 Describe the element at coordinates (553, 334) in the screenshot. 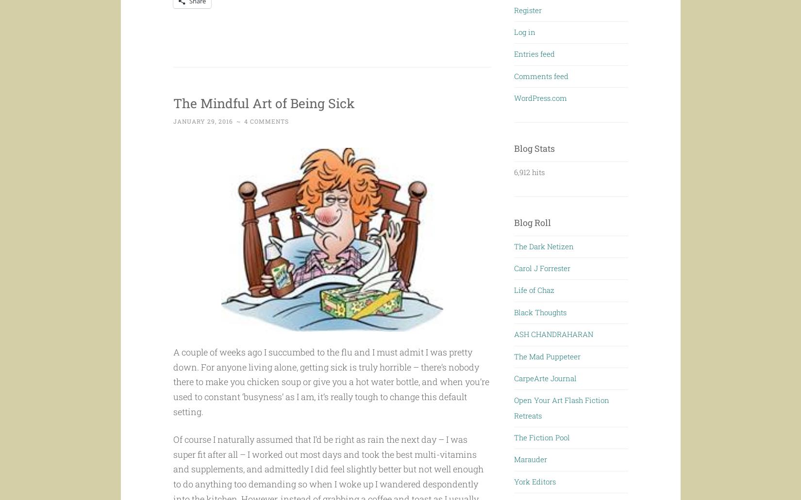

I see `'ASH CHANDRAHARAN'` at that location.